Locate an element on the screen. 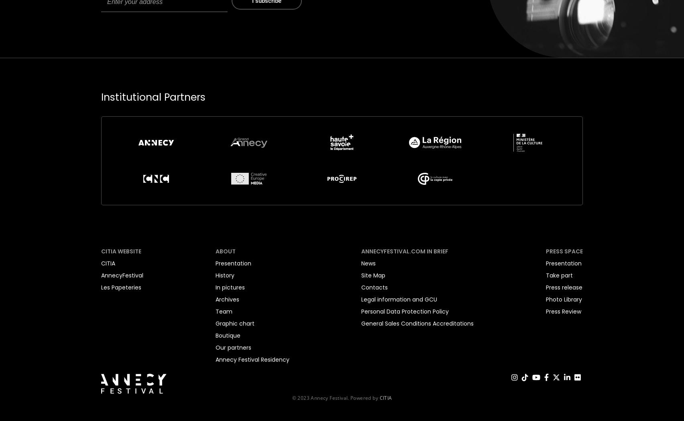 The height and width of the screenshot is (421, 684). 'Photo Library' is located at coordinates (545, 299).